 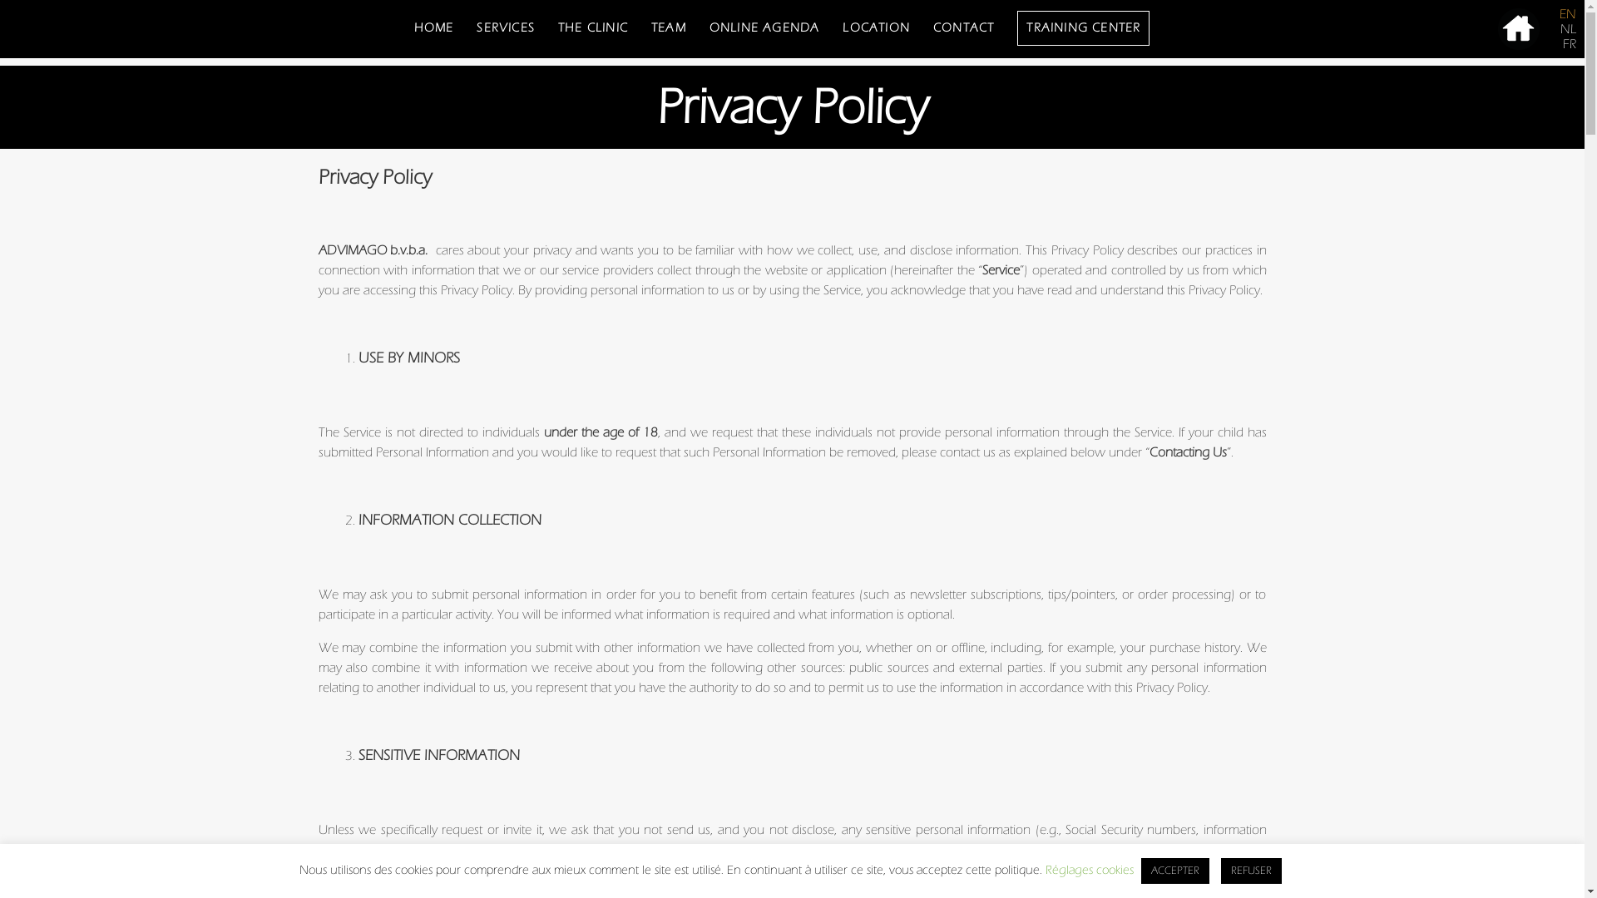 I want to click on 'HOME', so click(x=434, y=26).